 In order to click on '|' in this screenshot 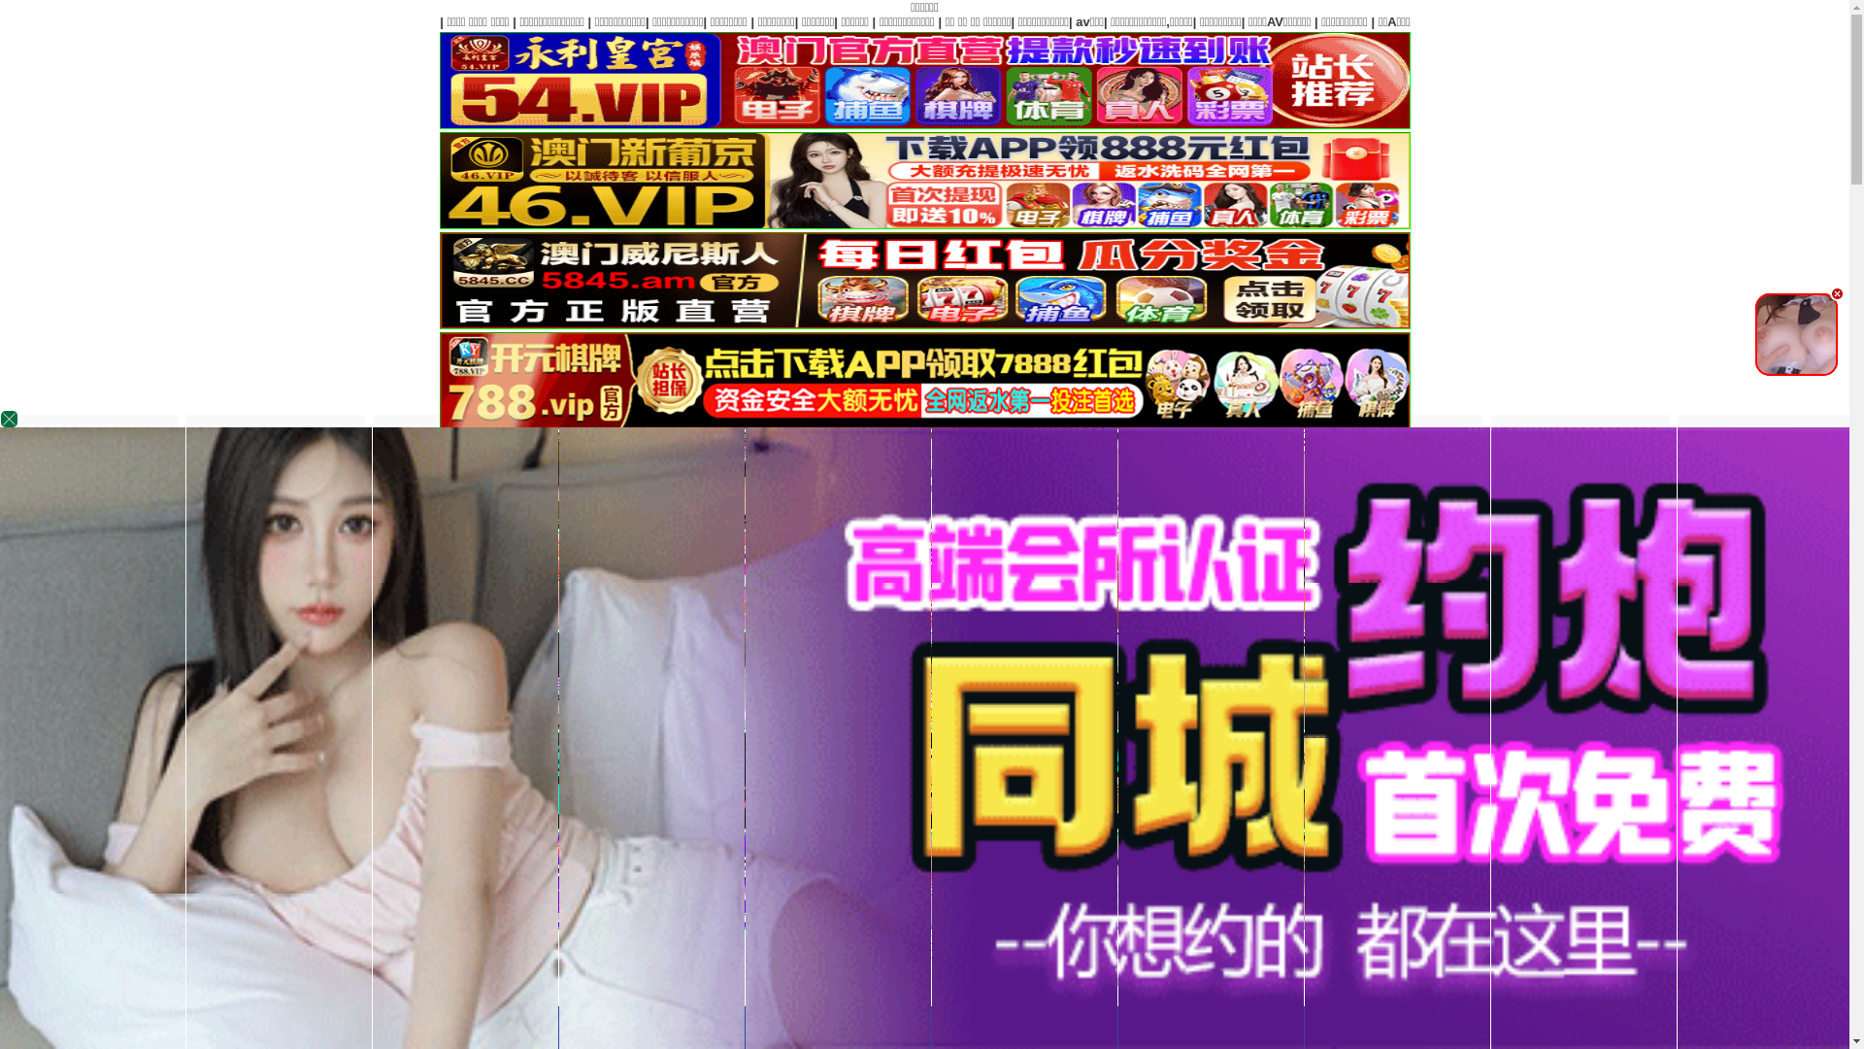, I will do `click(1336, 21)`.